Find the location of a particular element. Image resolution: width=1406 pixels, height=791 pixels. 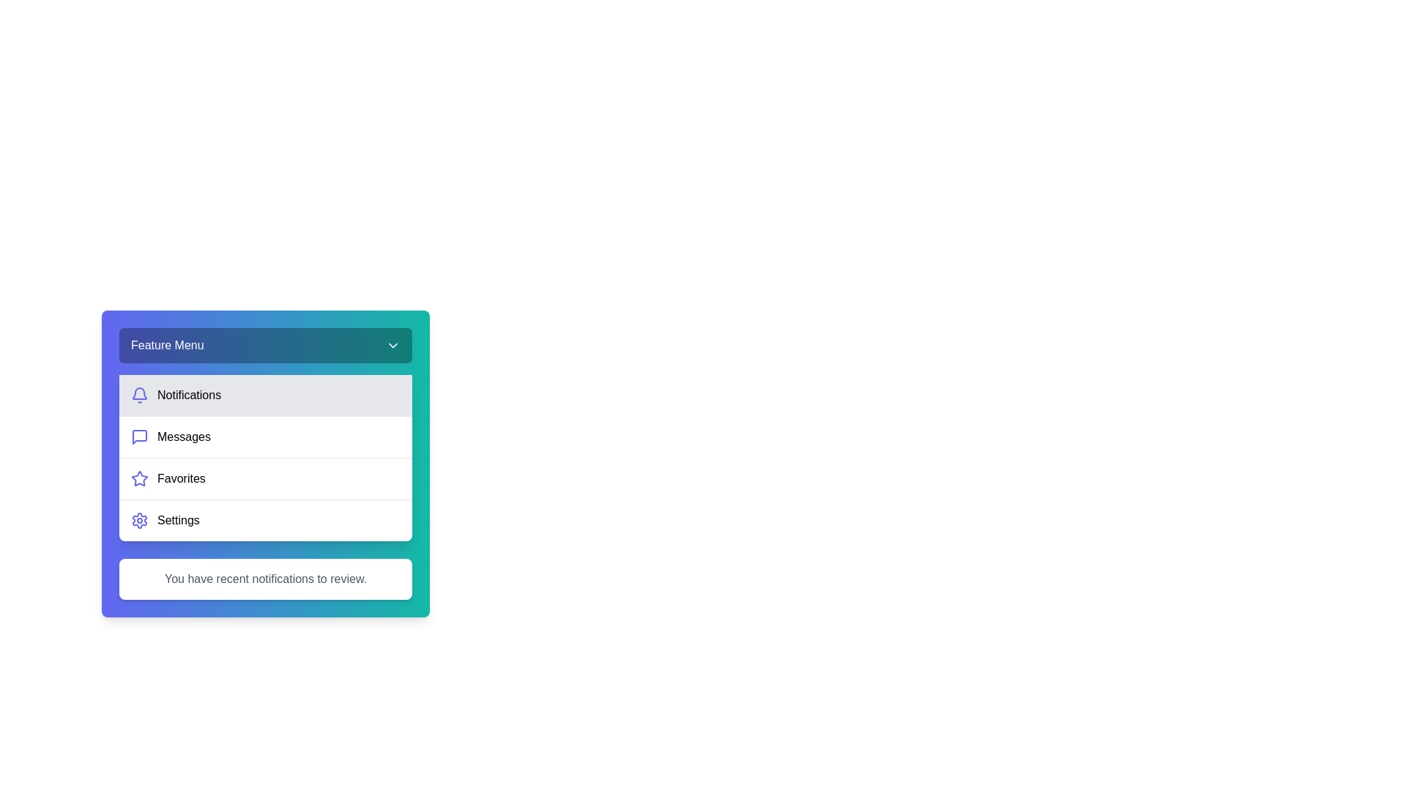

the 'Favorites' menu item, which is the third option is located at coordinates (266, 463).